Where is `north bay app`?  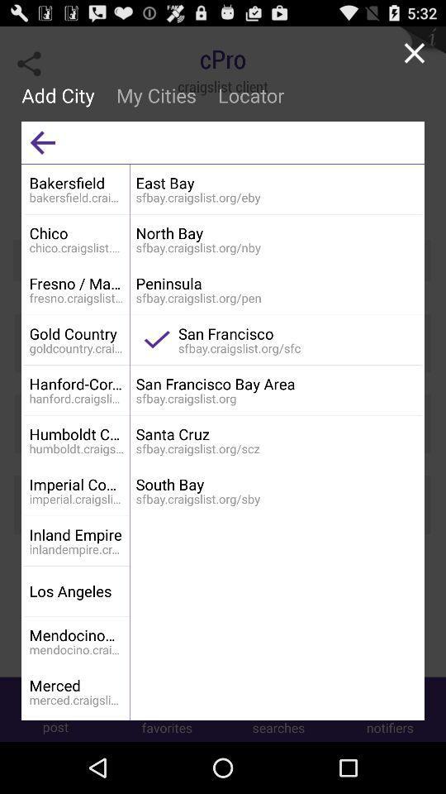 north bay app is located at coordinates (276, 232).